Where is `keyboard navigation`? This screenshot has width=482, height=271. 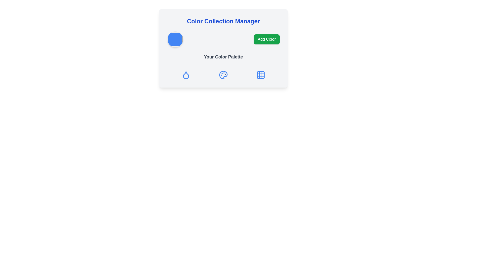 keyboard navigation is located at coordinates (175, 39).